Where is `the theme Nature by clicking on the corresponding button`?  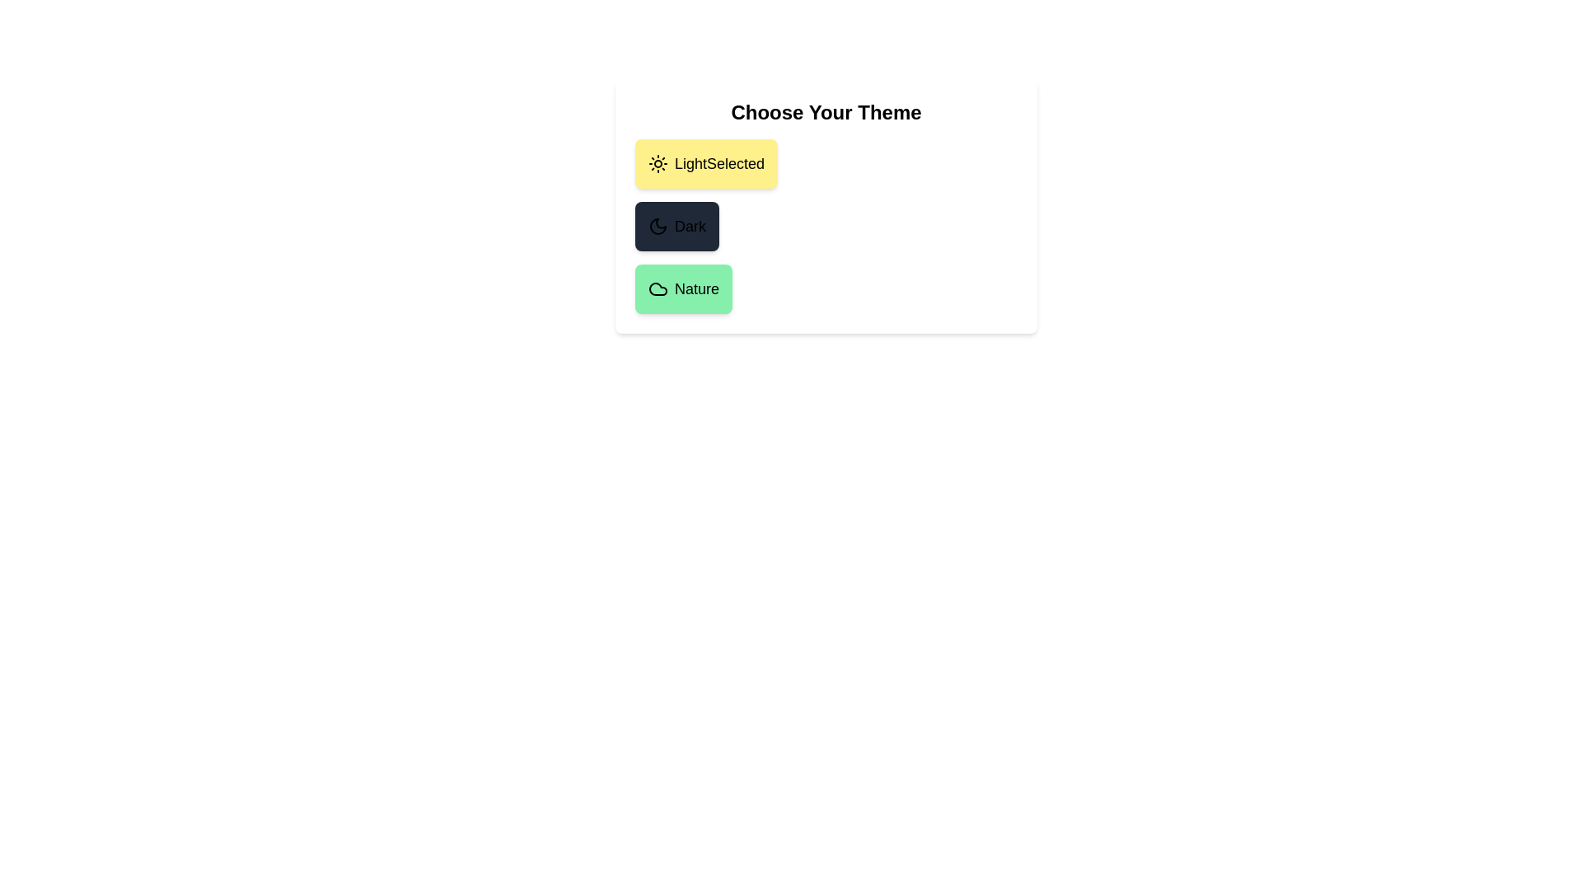
the theme Nature by clicking on the corresponding button is located at coordinates (684, 288).